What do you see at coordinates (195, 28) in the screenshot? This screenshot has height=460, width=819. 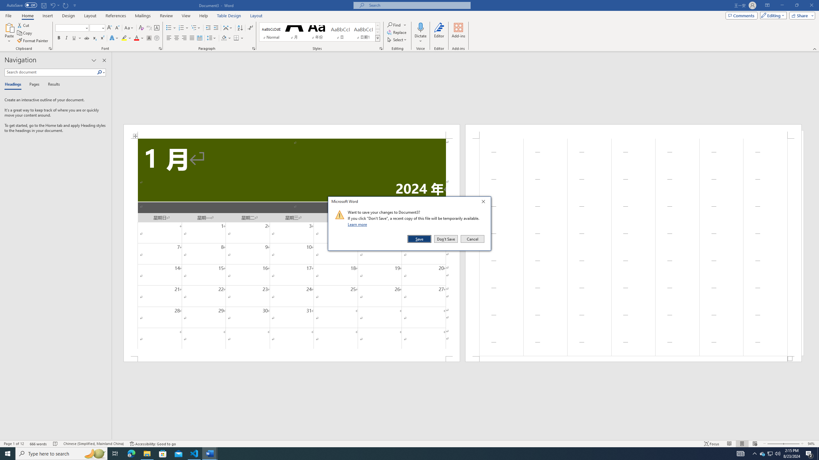 I see `'Multilevel List'` at bounding box center [195, 28].